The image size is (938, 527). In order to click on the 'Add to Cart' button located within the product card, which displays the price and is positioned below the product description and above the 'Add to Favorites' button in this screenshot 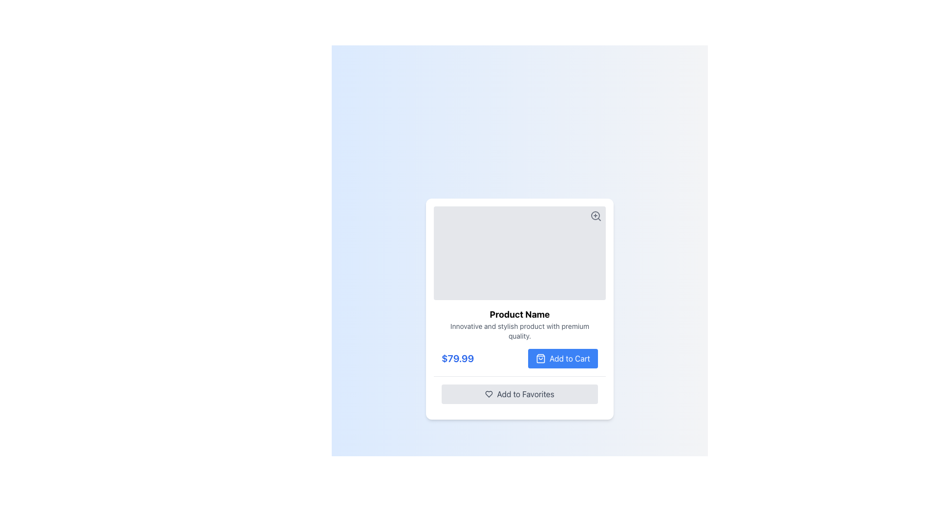, I will do `click(519, 358)`.